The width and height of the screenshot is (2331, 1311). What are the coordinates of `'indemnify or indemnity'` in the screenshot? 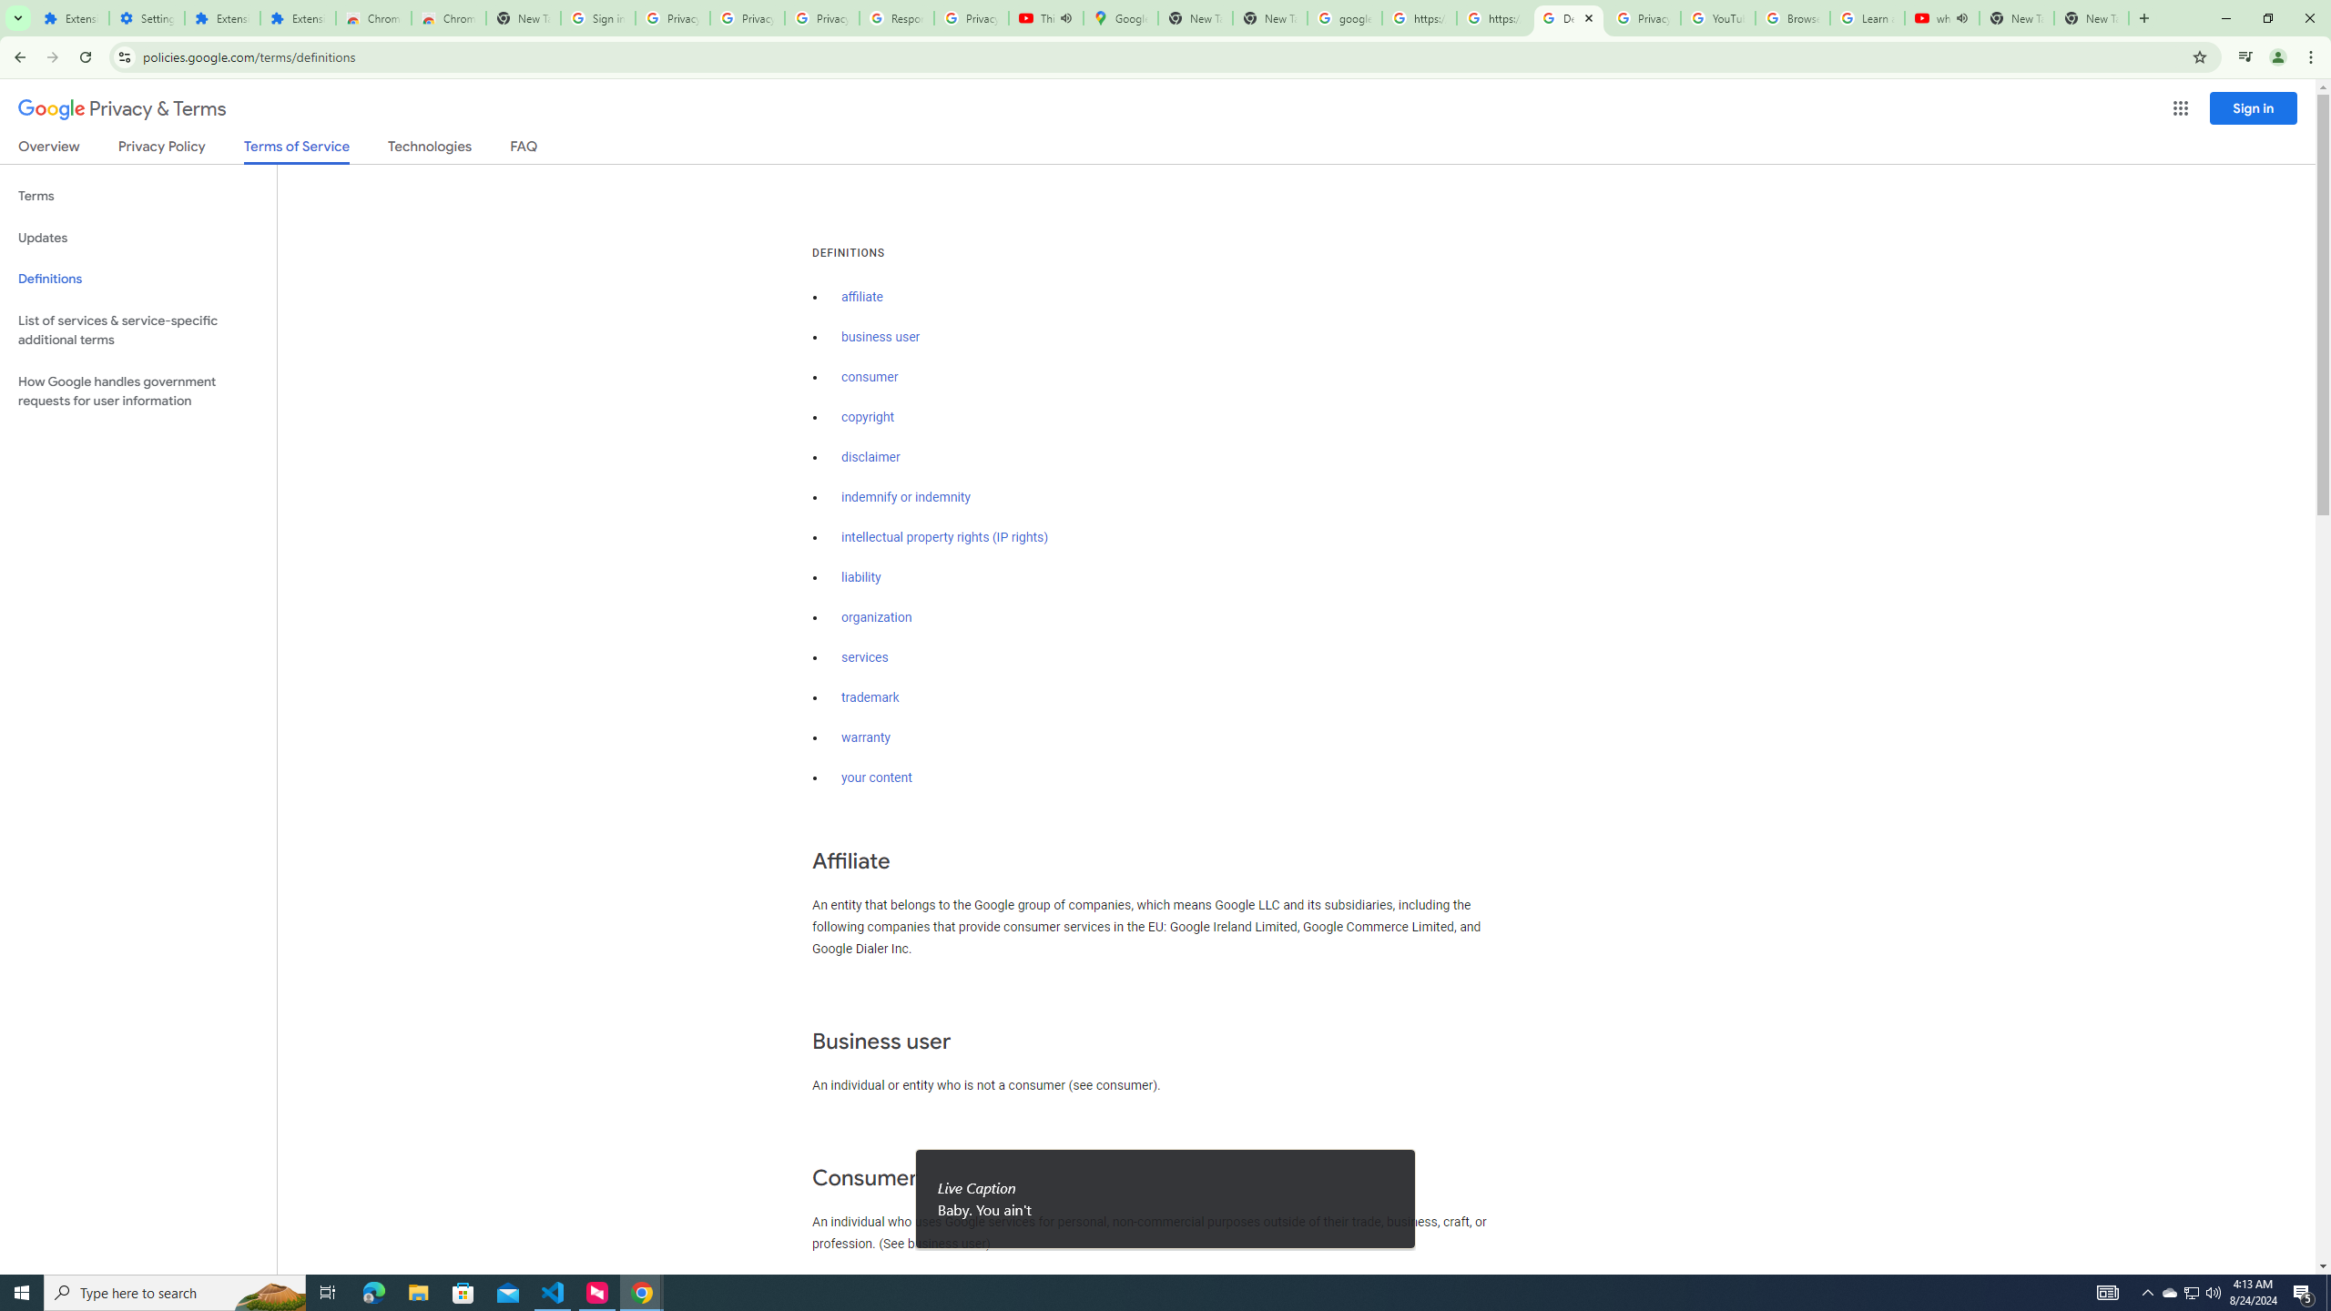 It's located at (905, 498).